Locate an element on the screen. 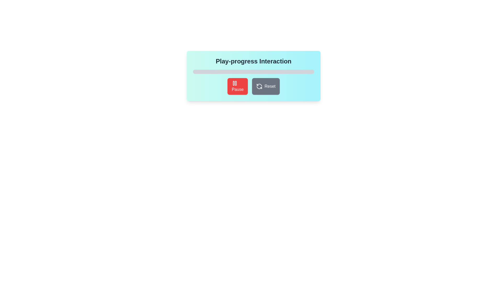  the functionality represented by the curved arrow icon that is part of a reset button with a gray background, located to the right of a red pause button is located at coordinates (259, 87).